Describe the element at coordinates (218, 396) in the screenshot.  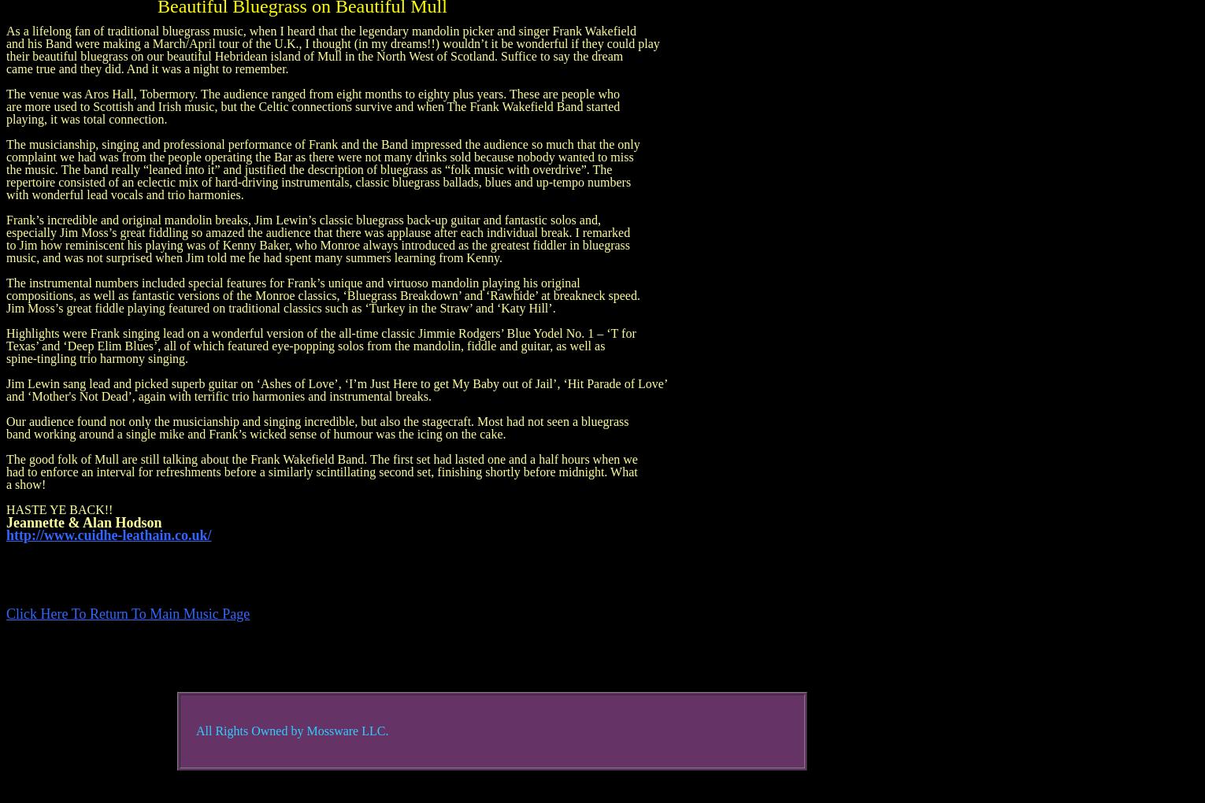
I see `'and
‘Mother's Not Dead’, again with terrific trio harmonies and instrumental
breaks.'` at that location.